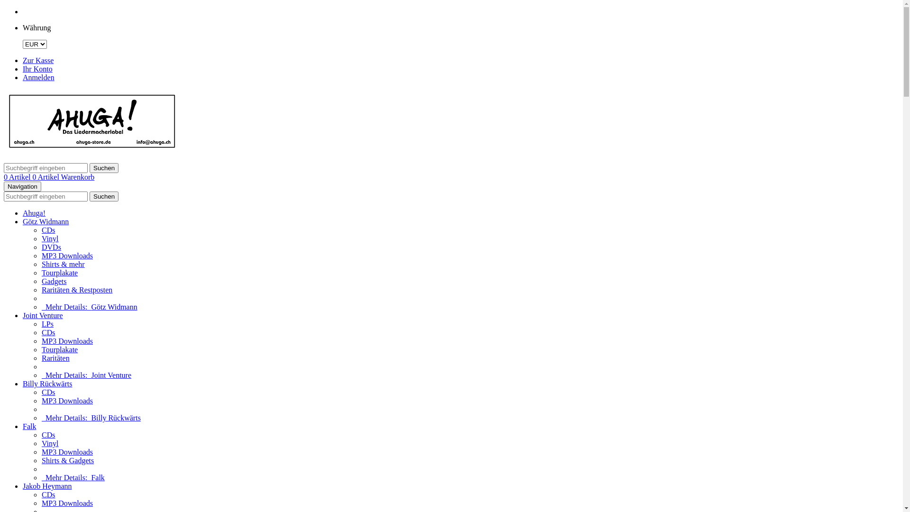  I want to click on 'MP3 Downloads', so click(67, 503).